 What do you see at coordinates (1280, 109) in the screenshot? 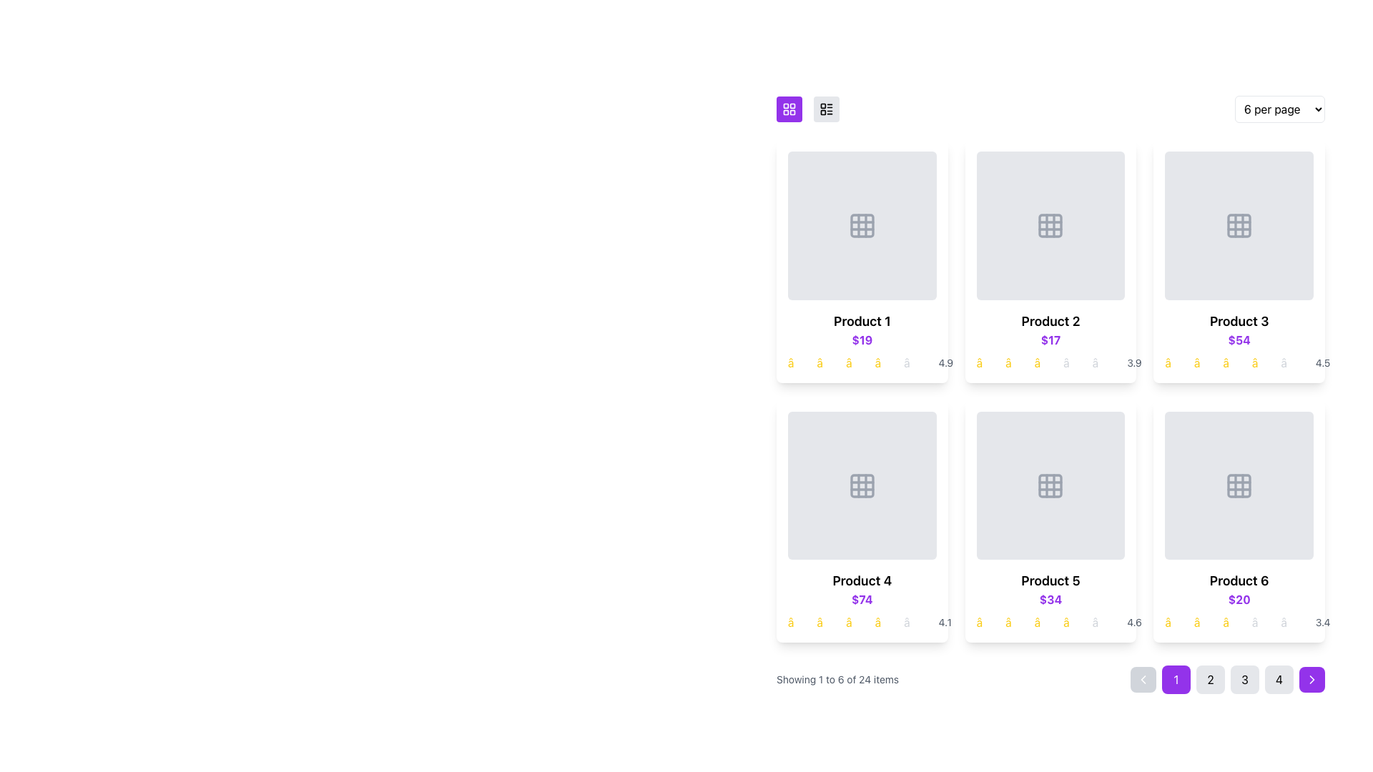
I see `an option from the dropdown menu located at the far right of the alignment options bar, which allows the user to change the number of items displayed per page` at bounding box center [1280, 109].